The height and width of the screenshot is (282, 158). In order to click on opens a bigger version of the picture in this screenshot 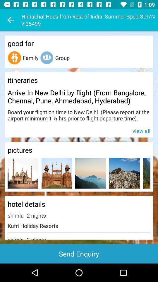, I will do `click(57, 173)`.